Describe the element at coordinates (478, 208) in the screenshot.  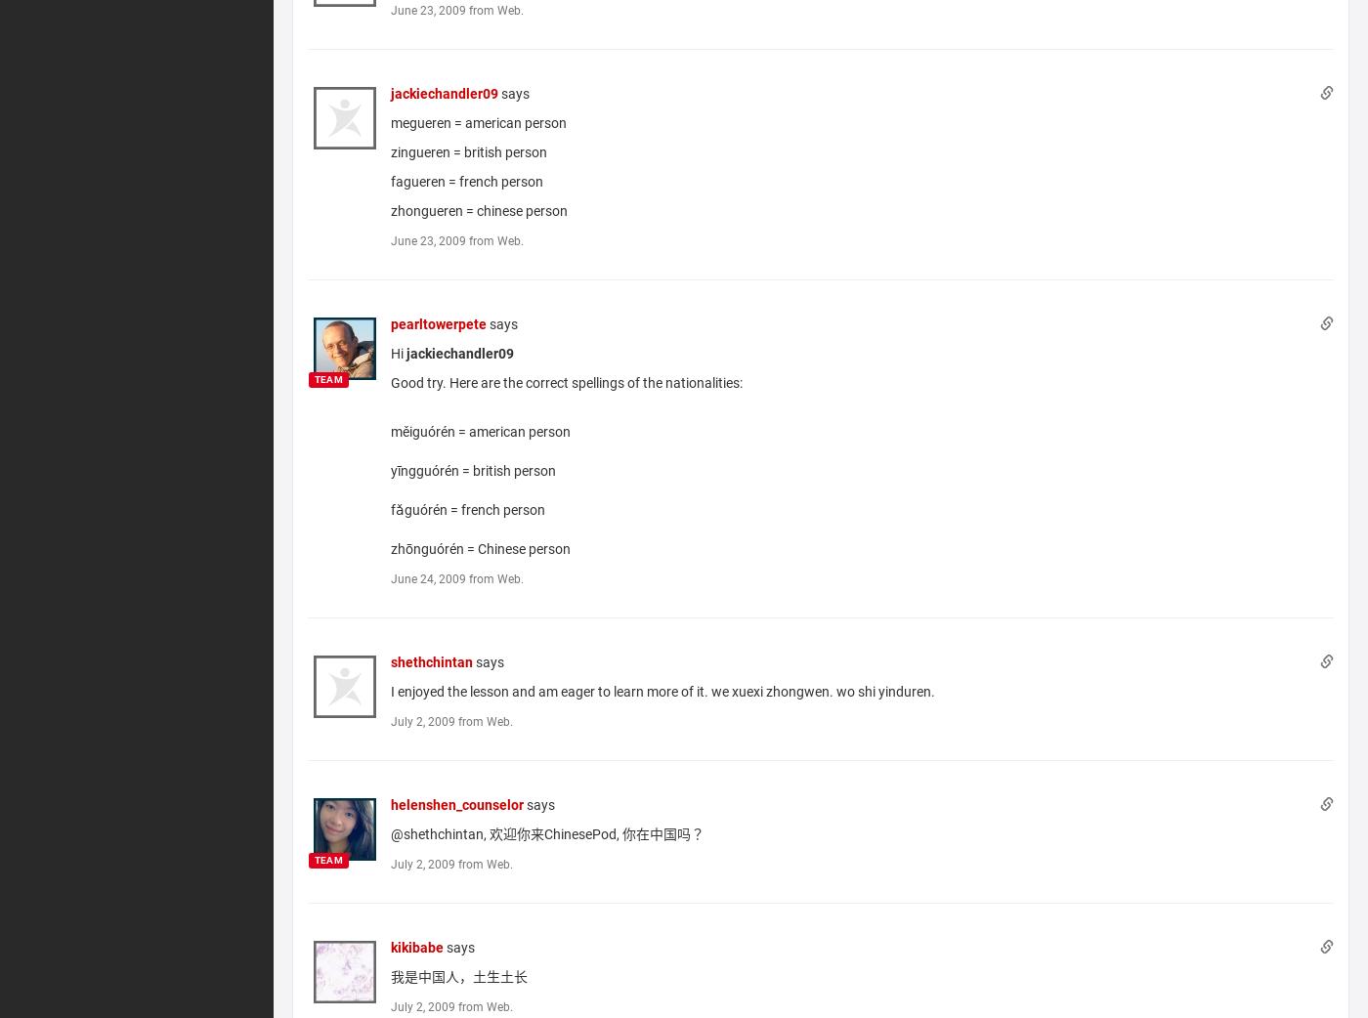
I see `'zhongueren = chinese person'` at that location.